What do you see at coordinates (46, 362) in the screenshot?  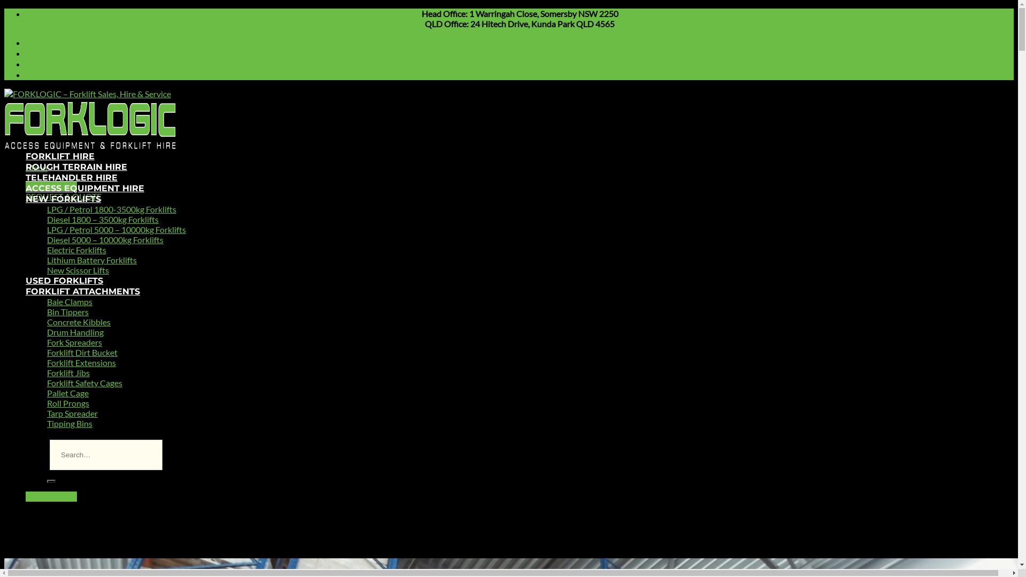 I see `'Forklift Extensions'` at bounding box center [46, 362].